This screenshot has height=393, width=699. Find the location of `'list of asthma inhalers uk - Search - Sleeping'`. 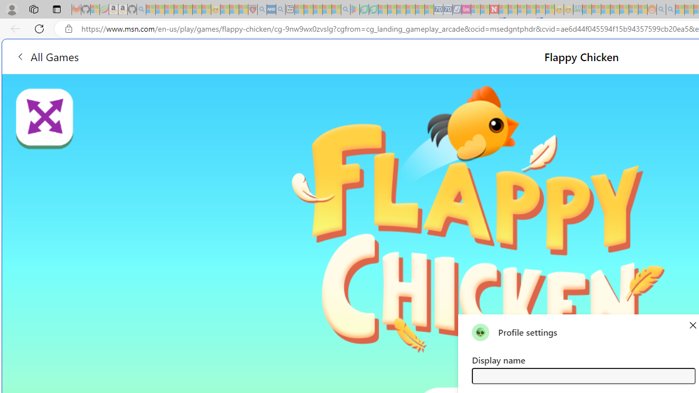

'list of asthma inhalers uk - Search - Sleeping' is located at coordinates (262, 9).